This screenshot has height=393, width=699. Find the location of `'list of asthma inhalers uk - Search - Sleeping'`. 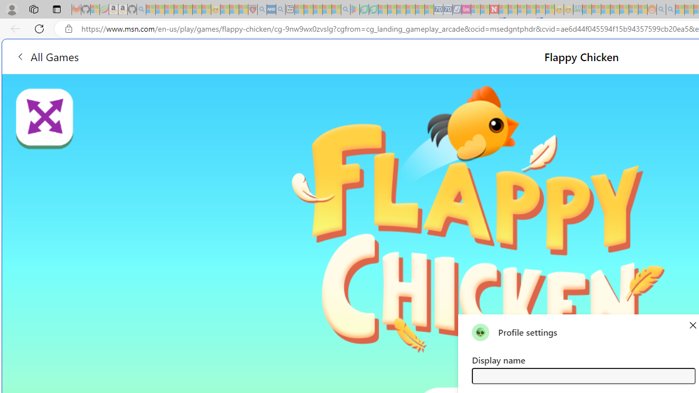

'list of asthma inhalers uk - Search - Sleeping' is located at coordinates (262, 9).